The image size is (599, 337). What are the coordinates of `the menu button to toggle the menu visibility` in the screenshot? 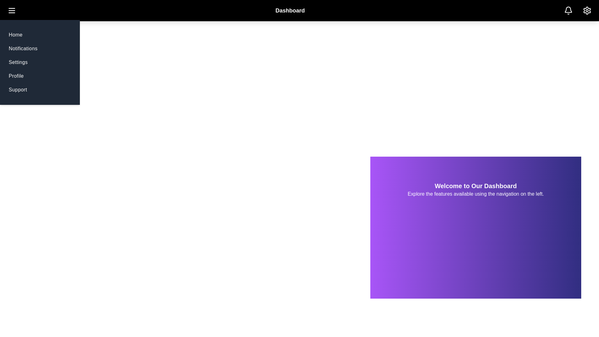 It's located at (12, 11).